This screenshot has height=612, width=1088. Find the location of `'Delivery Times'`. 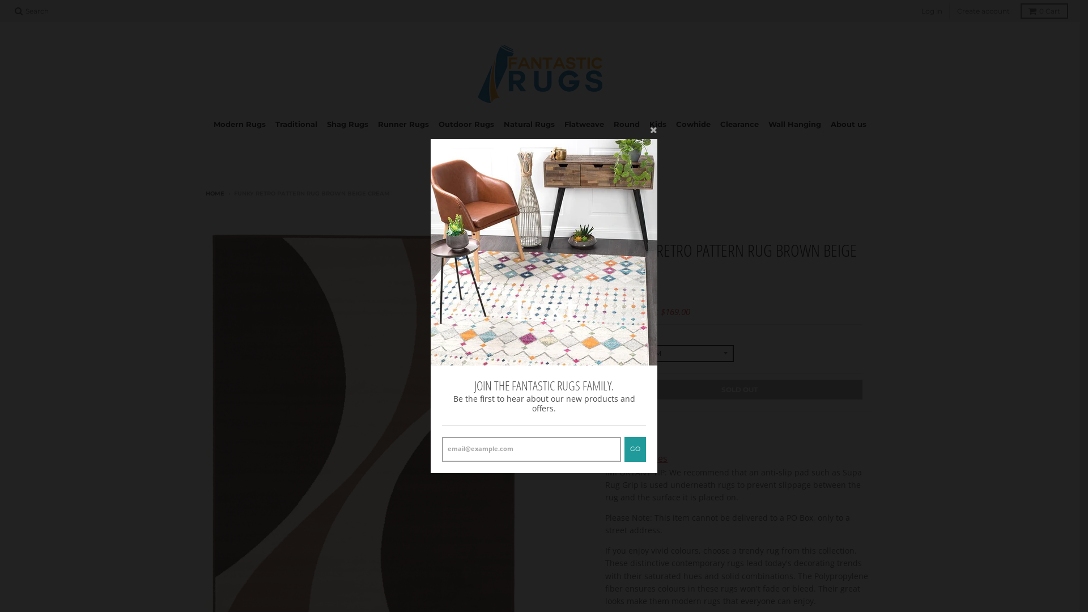

'Delivery Times' is located at coordinates (636, 458).